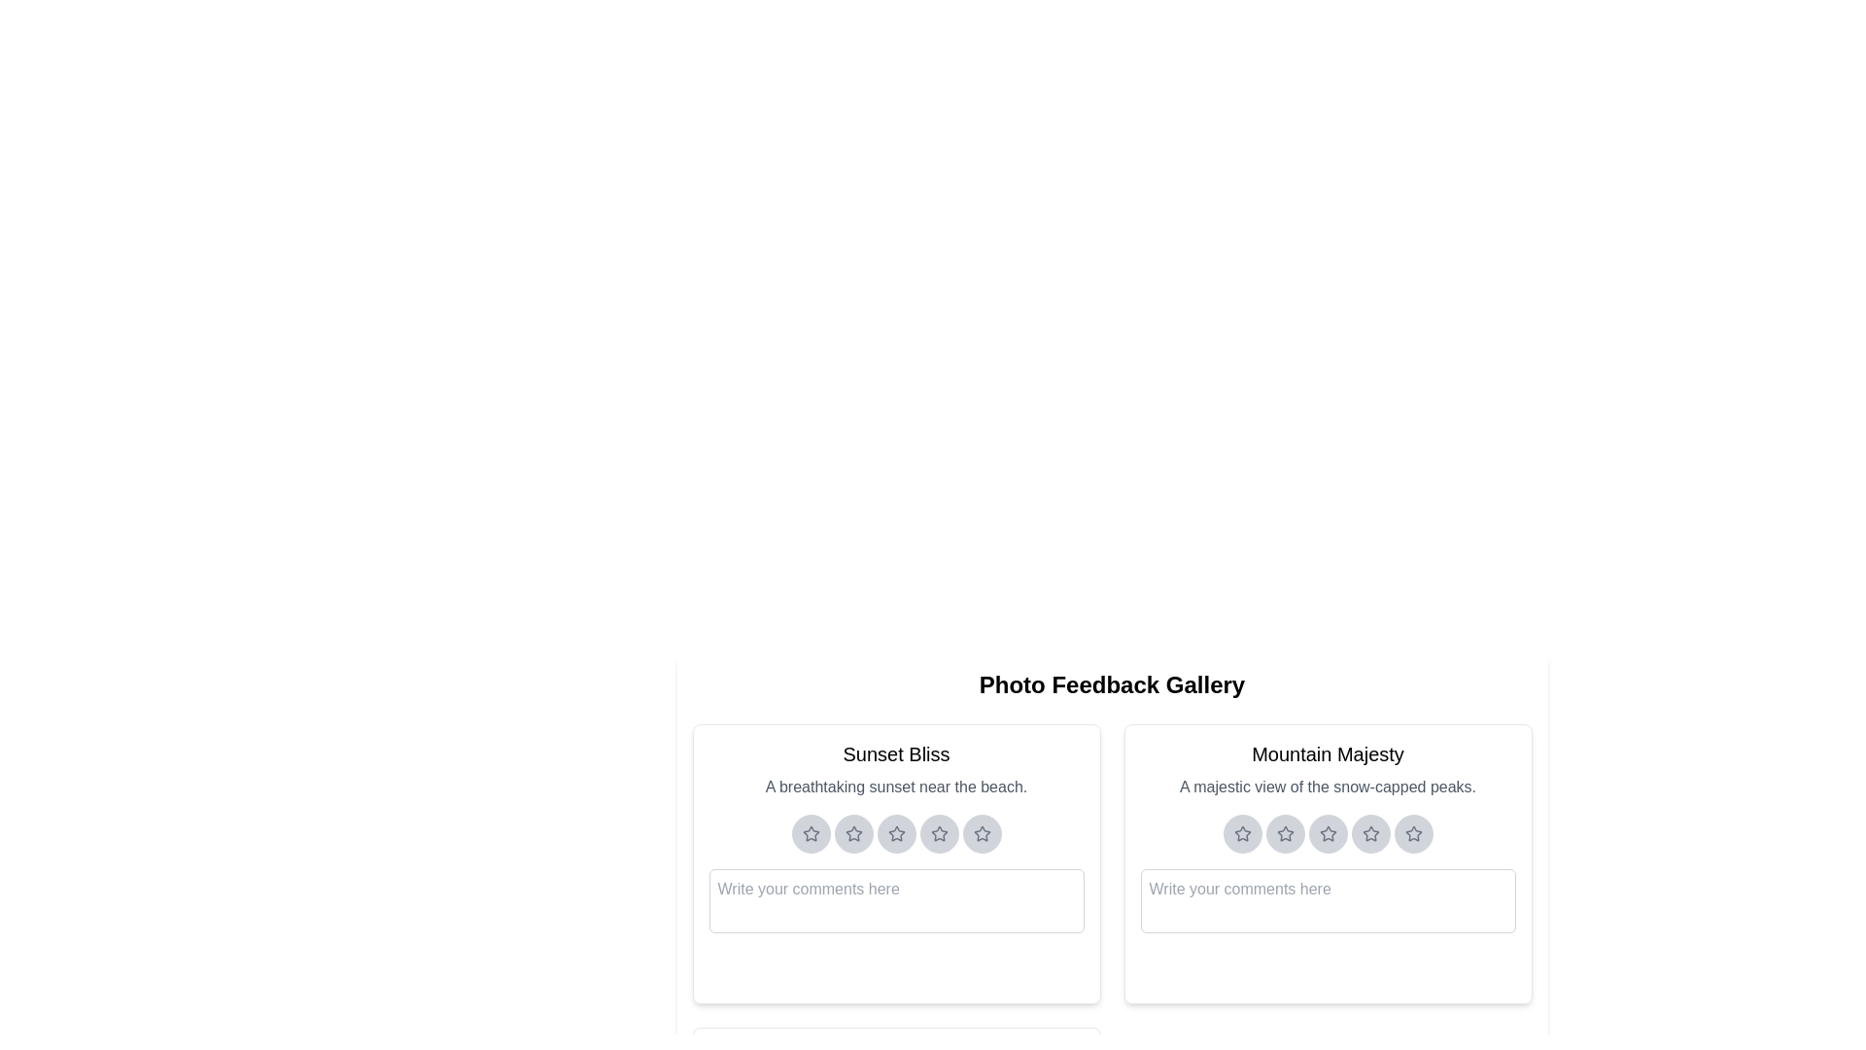 The height and width of the screenshot is (1050, 1866). I want to click on the second star rating icon in the row of rating stars displayed below the 'Mountain Majesty' photo title, so click(1327, 831).